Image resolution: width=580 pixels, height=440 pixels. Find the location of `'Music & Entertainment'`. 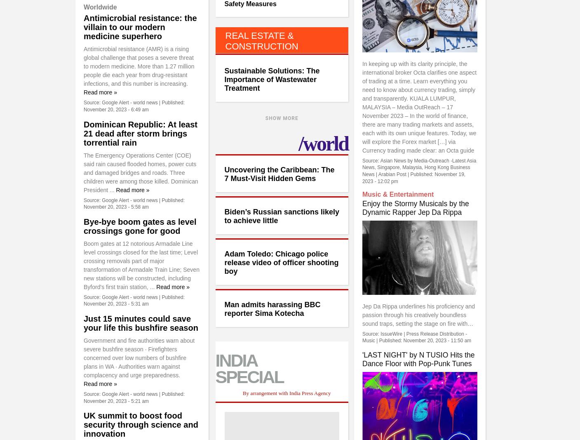

'Music & Entertainment' is located at coordinates (398, 194).